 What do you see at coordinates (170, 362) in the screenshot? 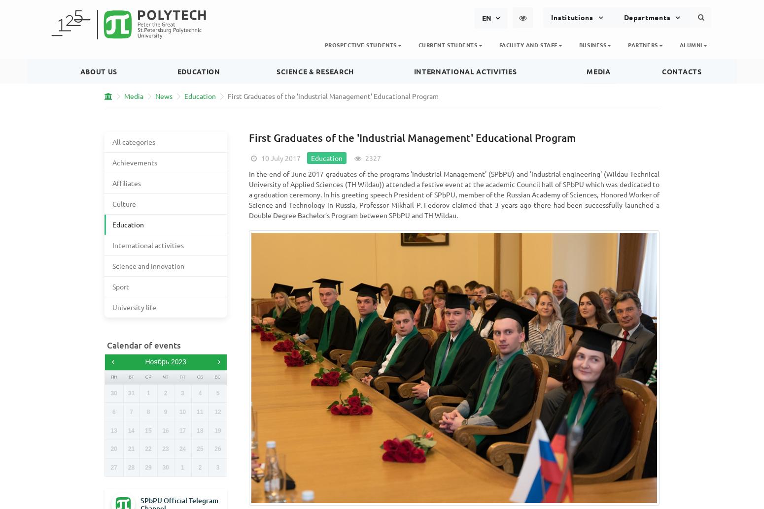
I see `'2023'` at bounding box center [170, 362].